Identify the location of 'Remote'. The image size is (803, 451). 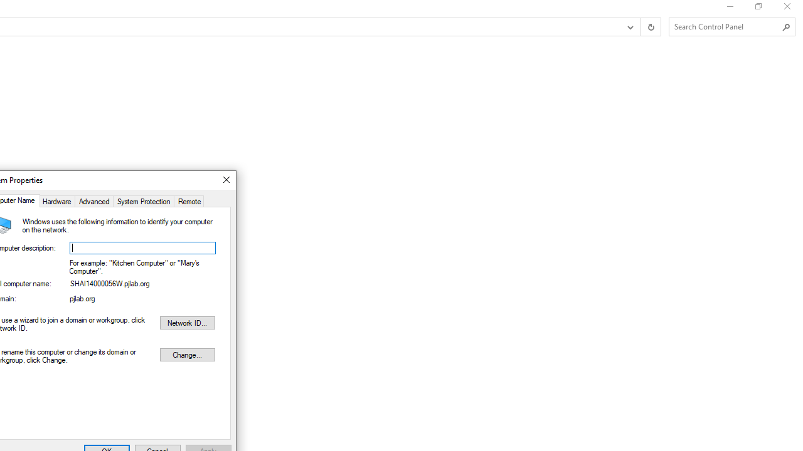
(189, 200).